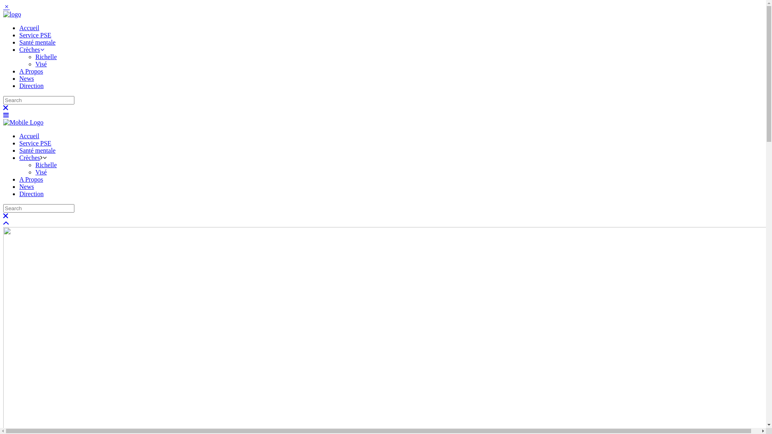  I want to click on 'Accueil', so click(29, 135).